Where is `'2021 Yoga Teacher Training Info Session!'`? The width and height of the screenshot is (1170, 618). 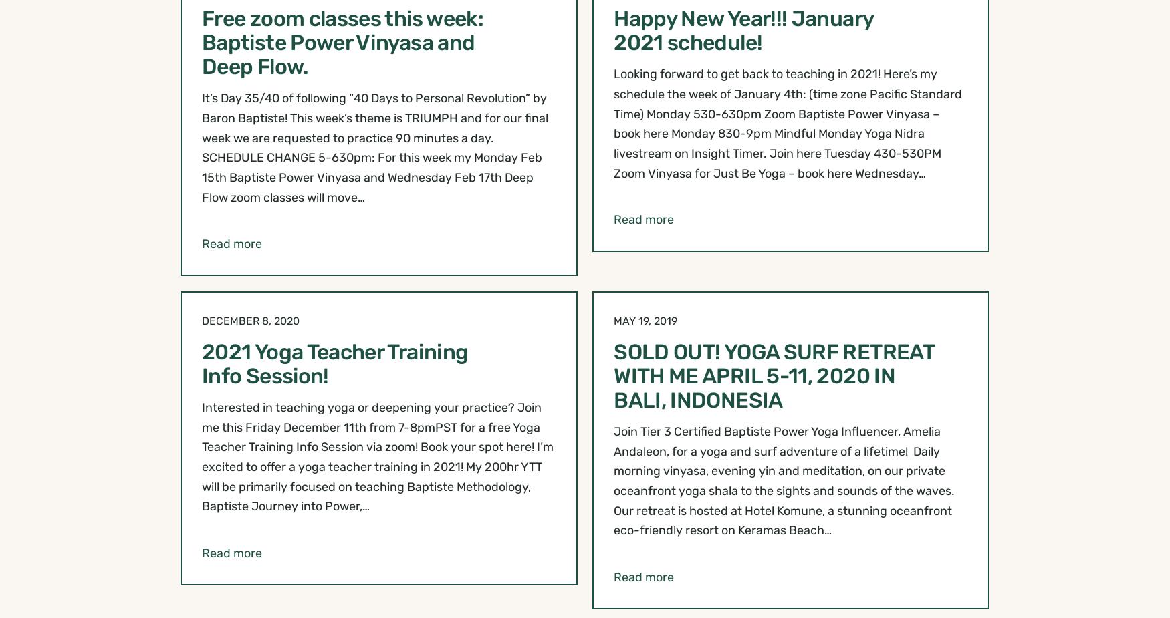
'2021 Yoga Teacher Training Info Session!' is located at coordinates (334, 363).